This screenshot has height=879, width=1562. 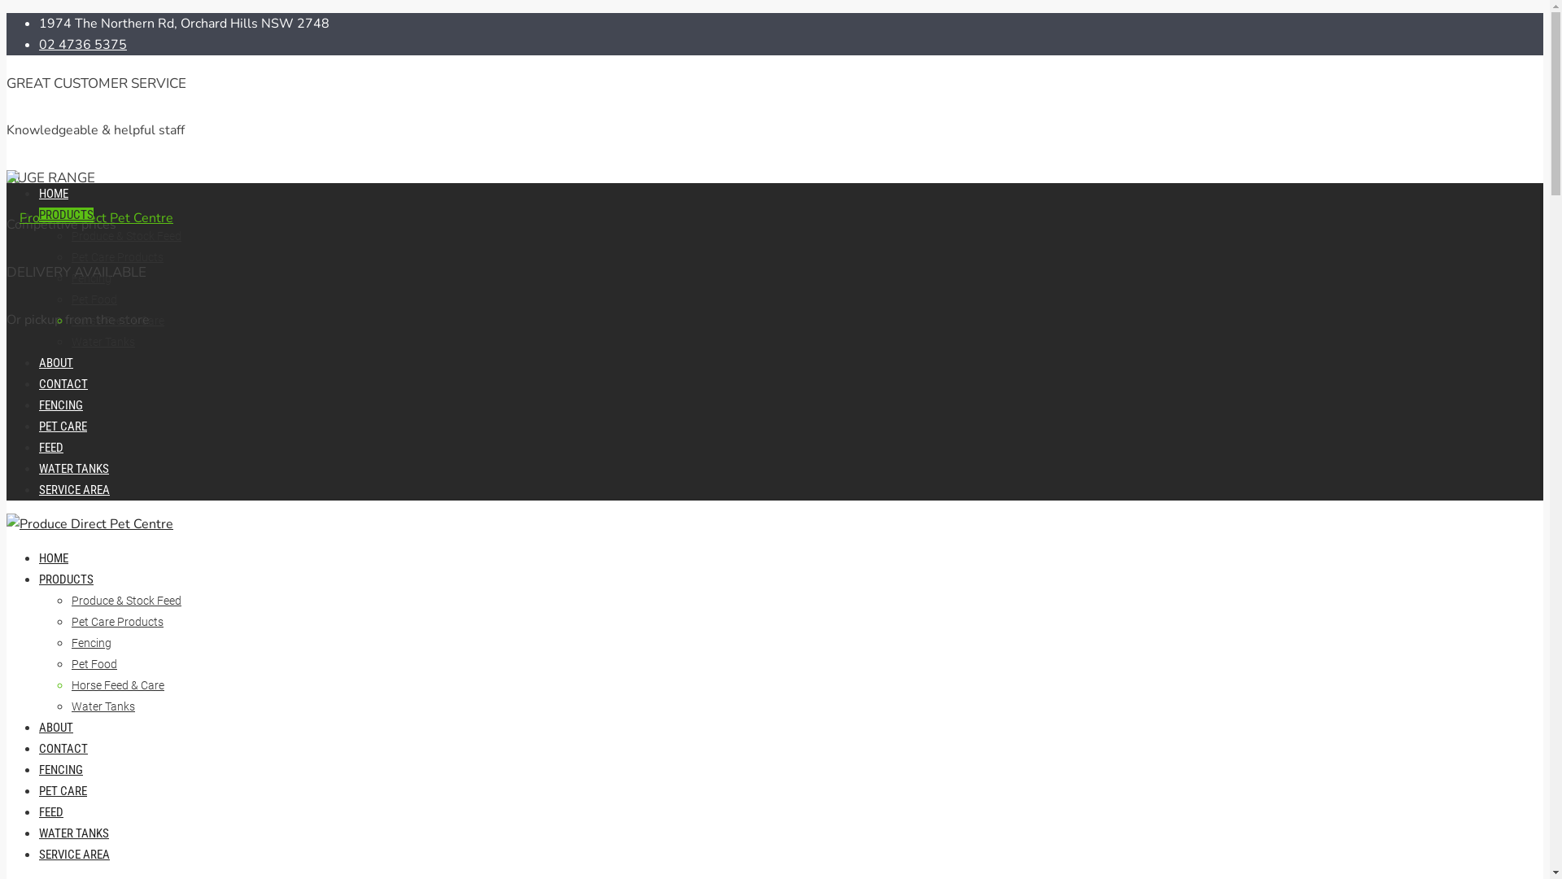 I want to click on 'Pet Food', so click(x=70, y=664).